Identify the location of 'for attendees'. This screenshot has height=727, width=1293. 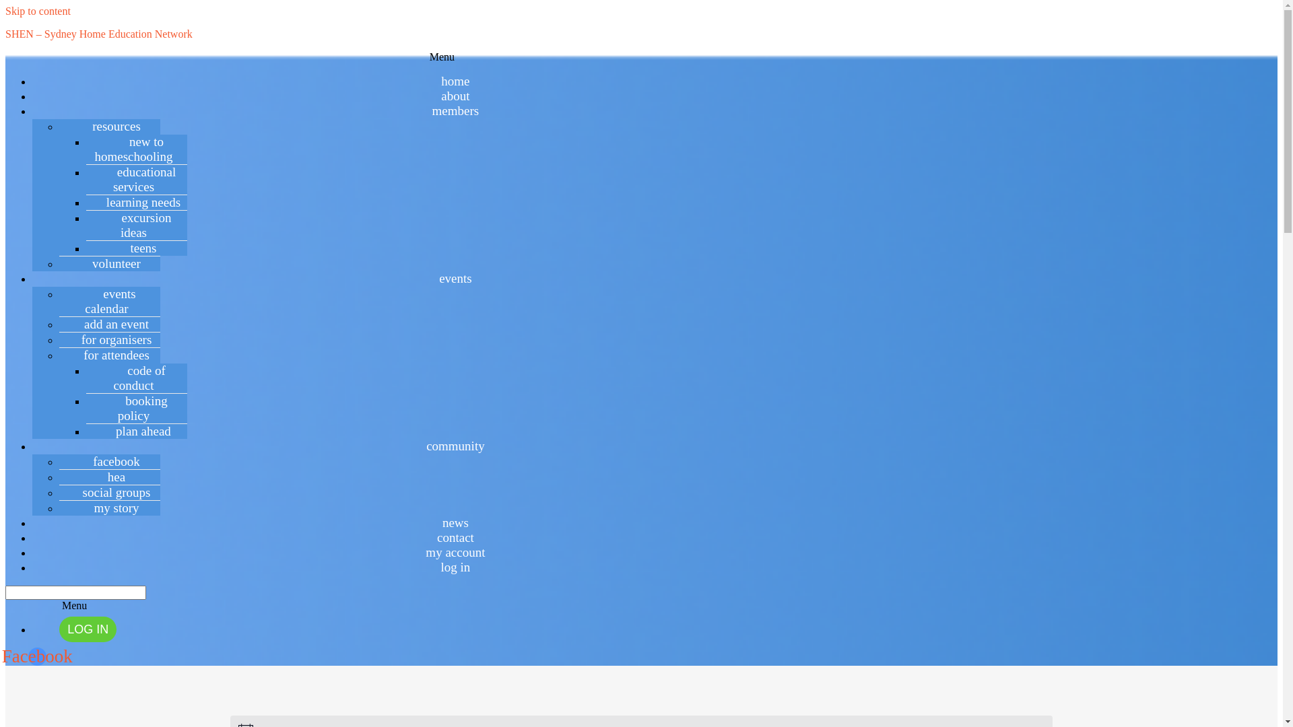
(110, 354).